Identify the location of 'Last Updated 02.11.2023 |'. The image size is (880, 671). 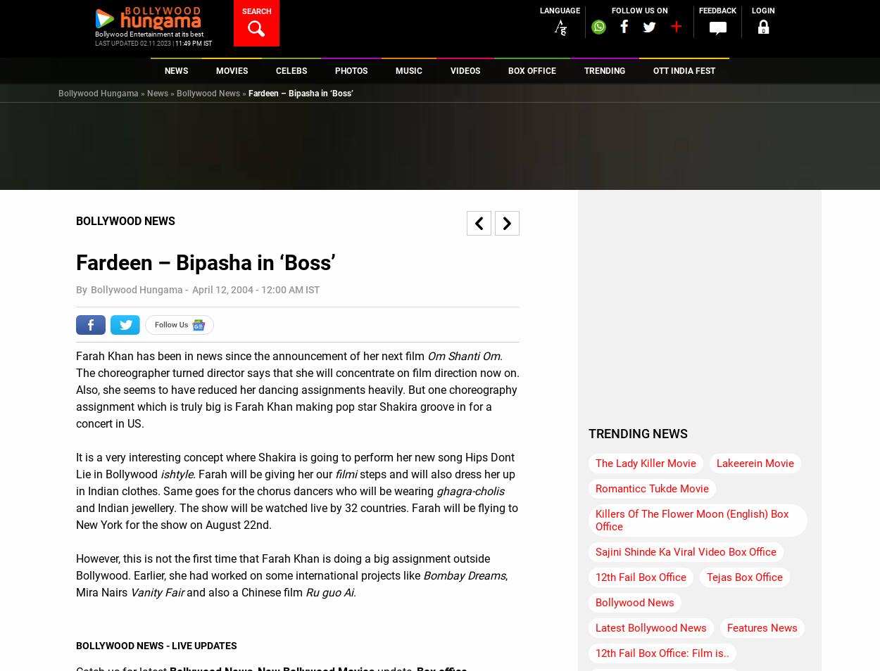
(134, 43).